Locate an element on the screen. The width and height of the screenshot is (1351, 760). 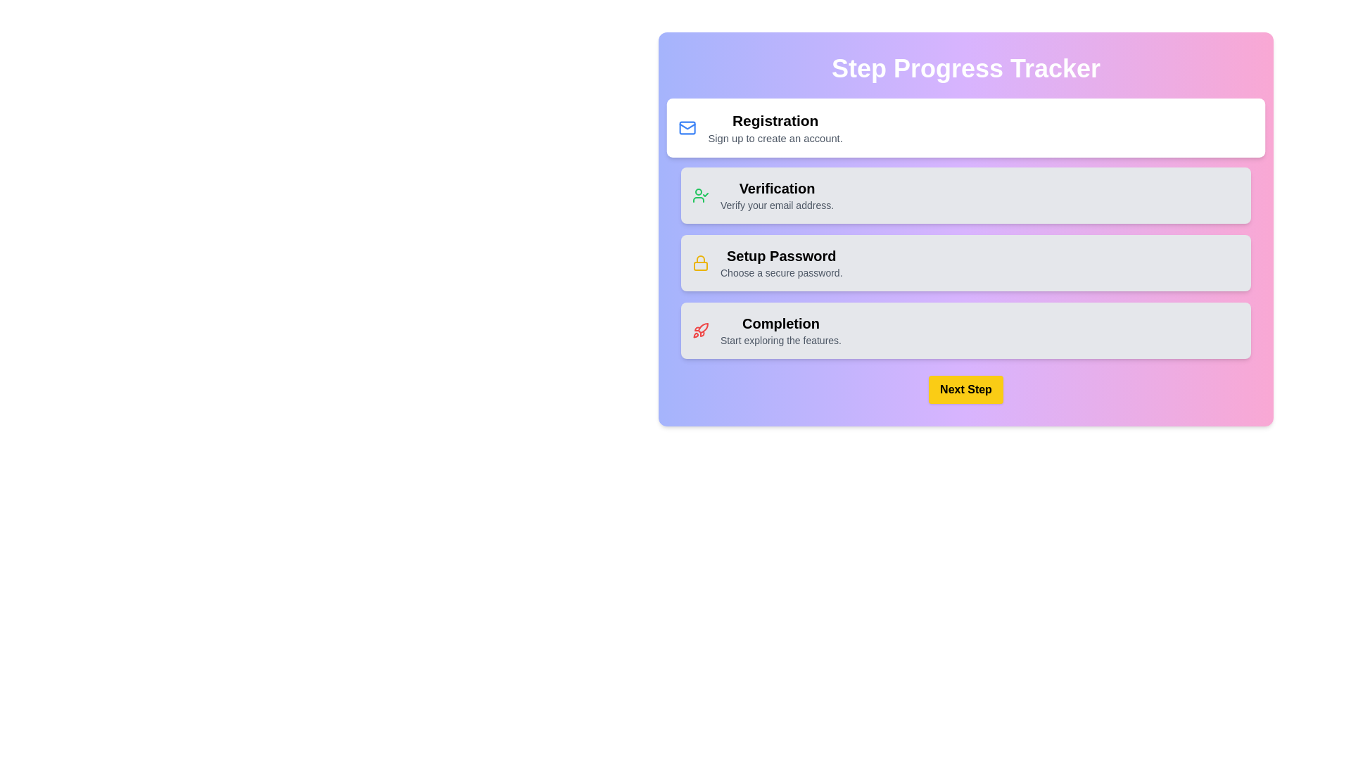
the secure lock icon located in the 'Setup Password' section, which is the third item in the vertical step progress tracker is located at coordinates (701, 263).